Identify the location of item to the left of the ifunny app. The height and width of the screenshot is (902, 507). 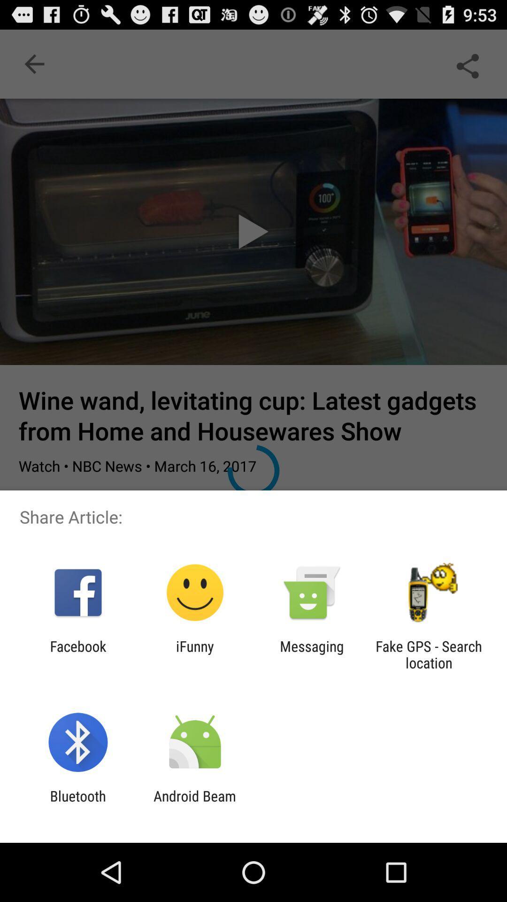
(77, 654).